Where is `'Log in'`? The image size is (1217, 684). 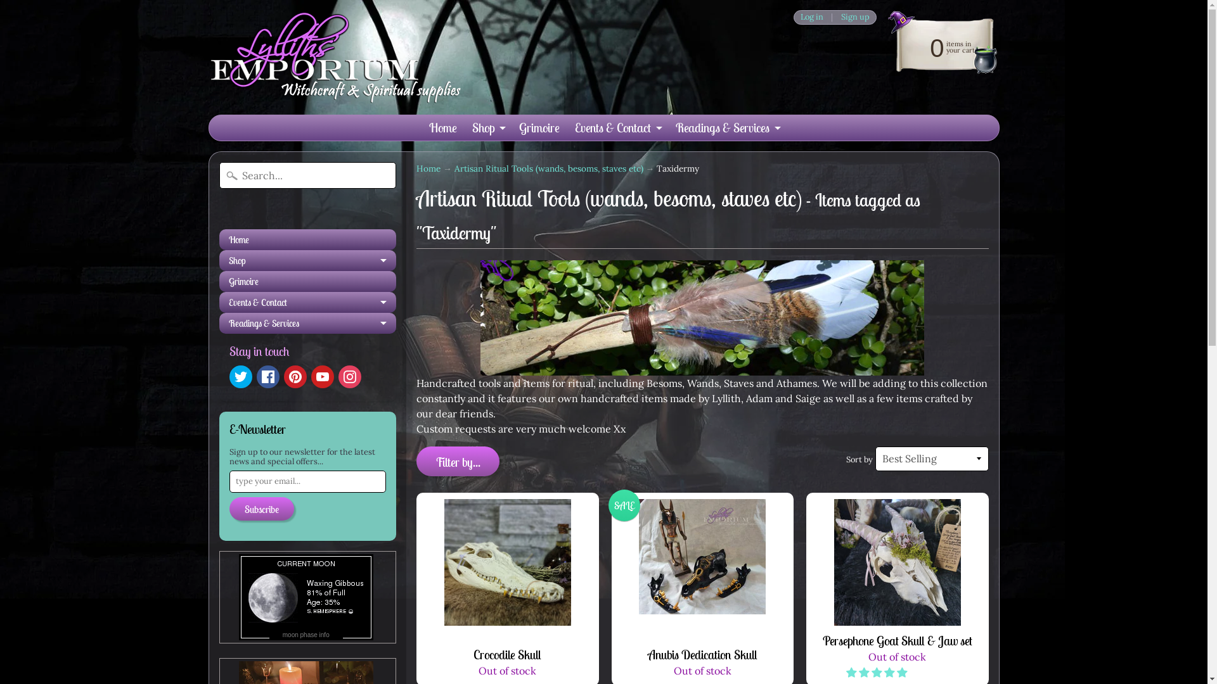
'Log in' is located at coordinates (811, 17).